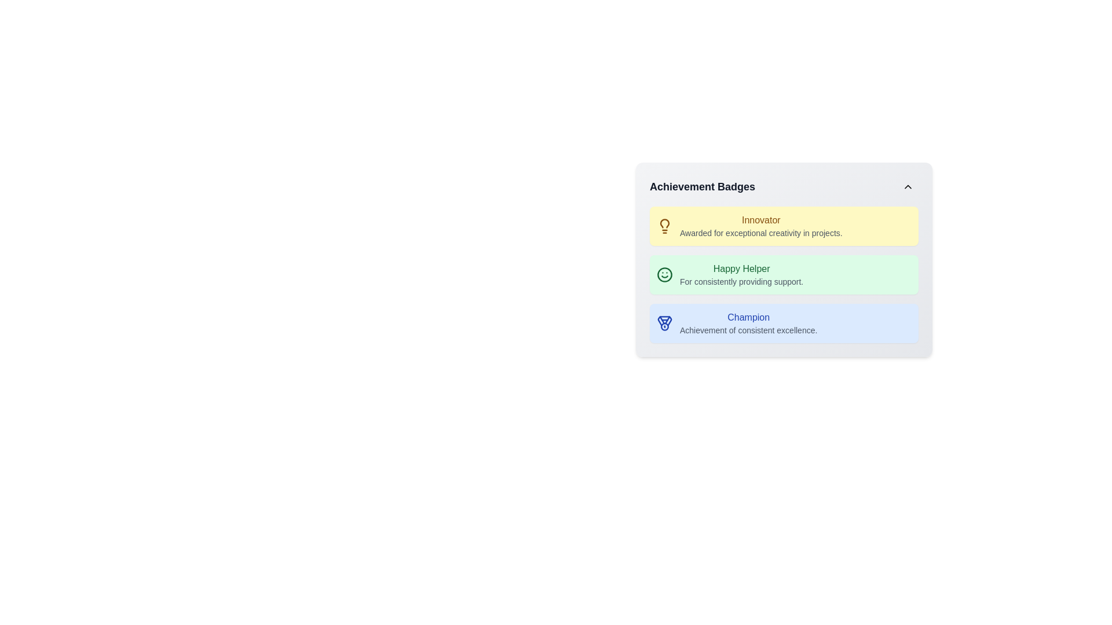 Image resolution: width=1112 pixels, height=625 pixels. Describe the element at coordinates (761, 233) in the screenshot. I see `information provided by the Label element that describes the purpose of the 'Innovator' badge, located under the 'Innovator' section in the 'Achievement Badges' panel` at that location.